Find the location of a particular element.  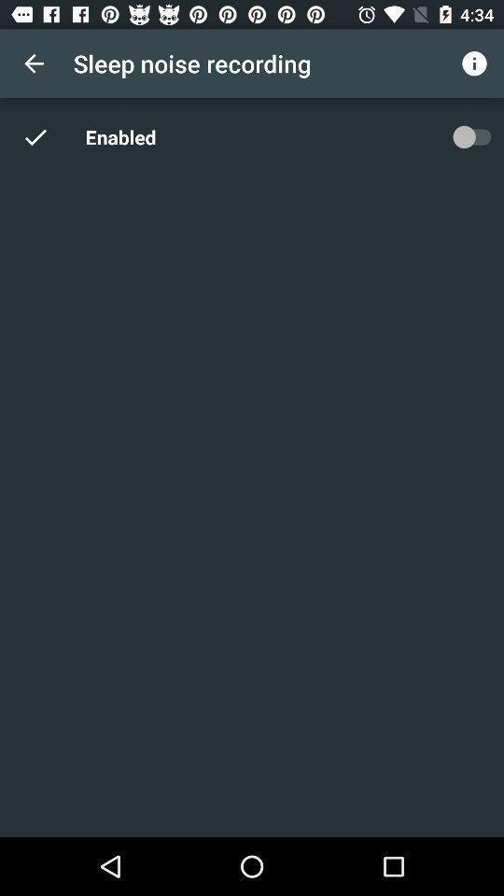

the icon next to enabled is located at coordinates (46, 135).